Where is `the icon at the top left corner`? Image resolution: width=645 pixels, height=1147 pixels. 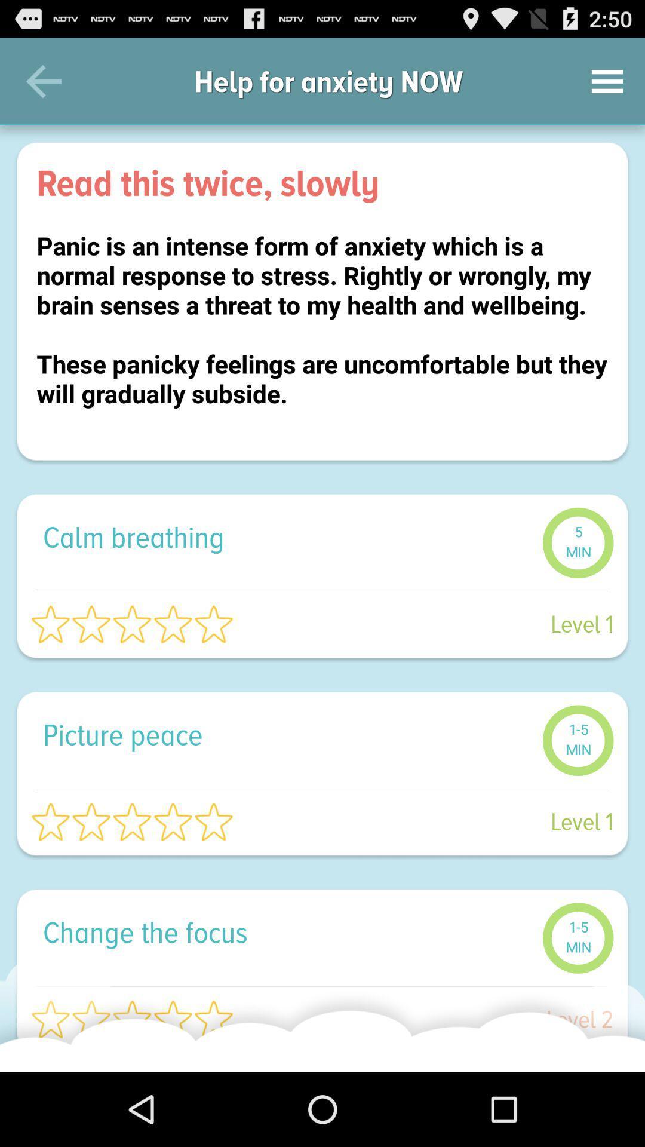 the icon at the top left corner is located at coordinates (43, 81).